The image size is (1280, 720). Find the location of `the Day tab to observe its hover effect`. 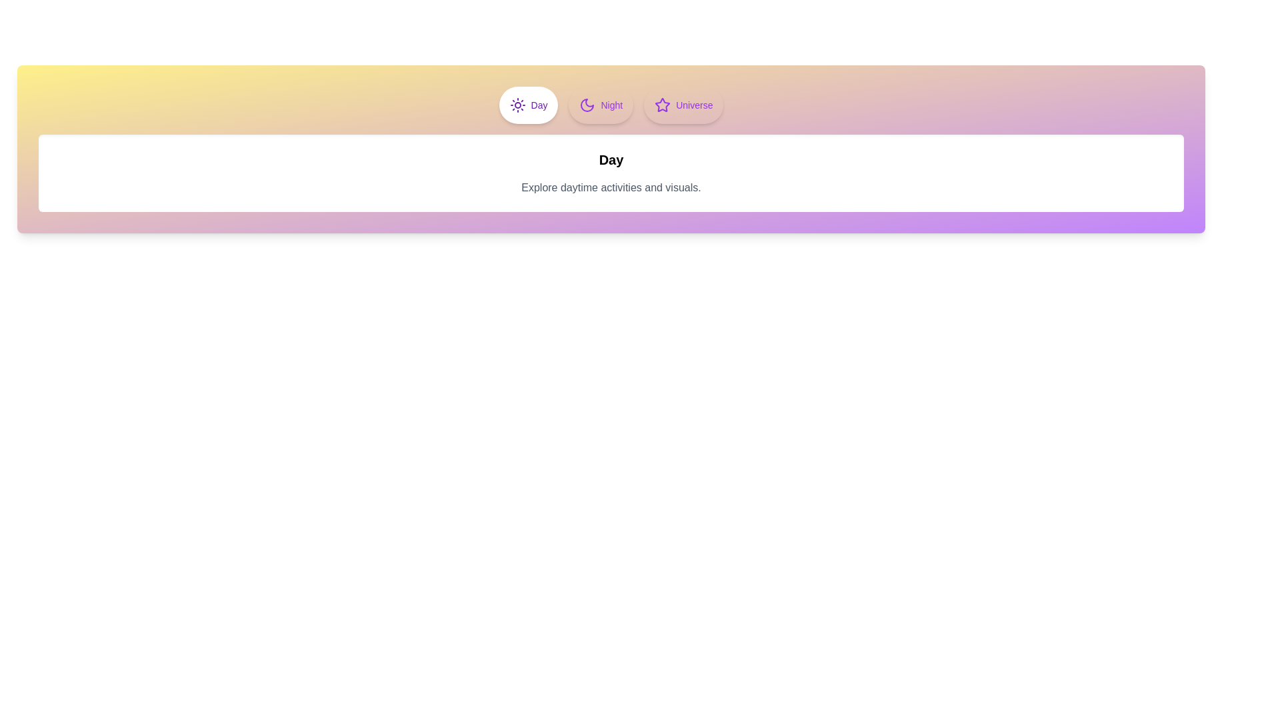

the Day tab to observe its hover effect is located at coordinates (527, 105).